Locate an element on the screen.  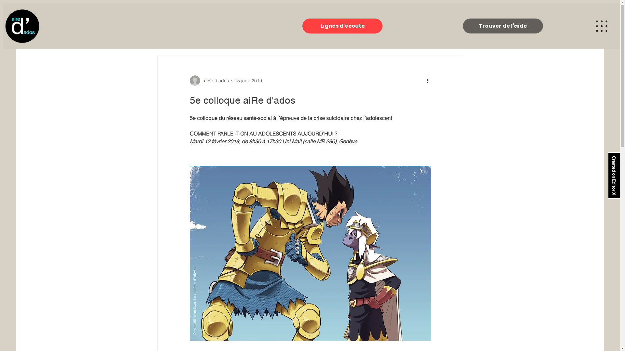
'Trouver de l'aide' is located at coordinates (503, 26).